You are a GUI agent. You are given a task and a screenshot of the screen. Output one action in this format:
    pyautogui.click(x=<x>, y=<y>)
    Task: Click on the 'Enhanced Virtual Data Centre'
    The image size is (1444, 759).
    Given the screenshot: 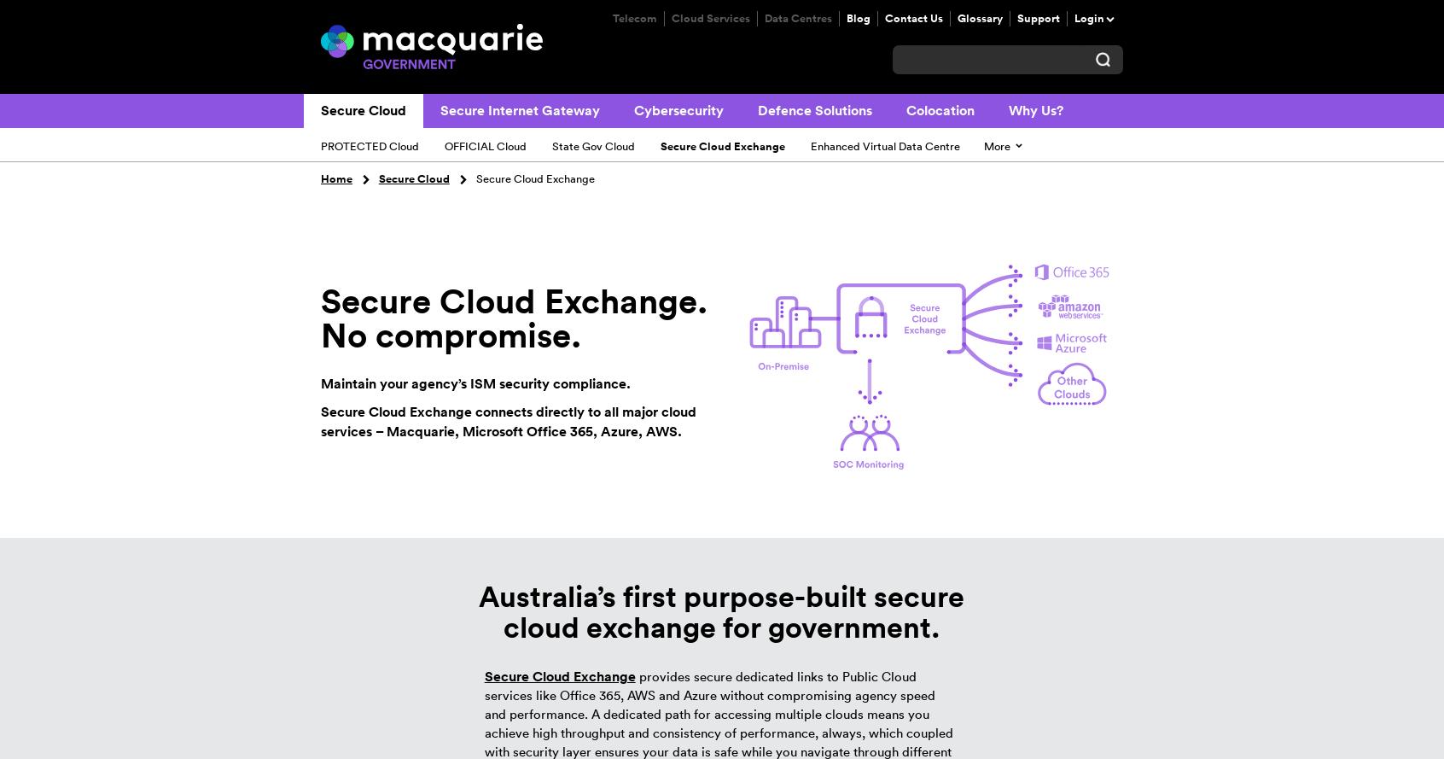 What is the action you would take?
    pyautogui.click(x=884, y=146)
    